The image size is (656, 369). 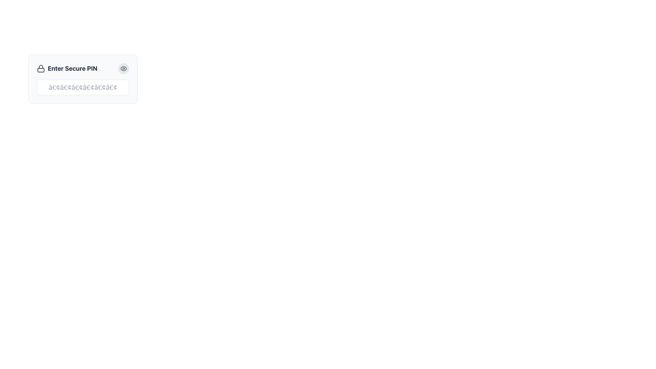 What do you see at coordinates (123, 68) in the screenshot?
I see `the eye icon located on the right side of the 'Enter Secure PIN' input field` at bounding box center [123, 68].